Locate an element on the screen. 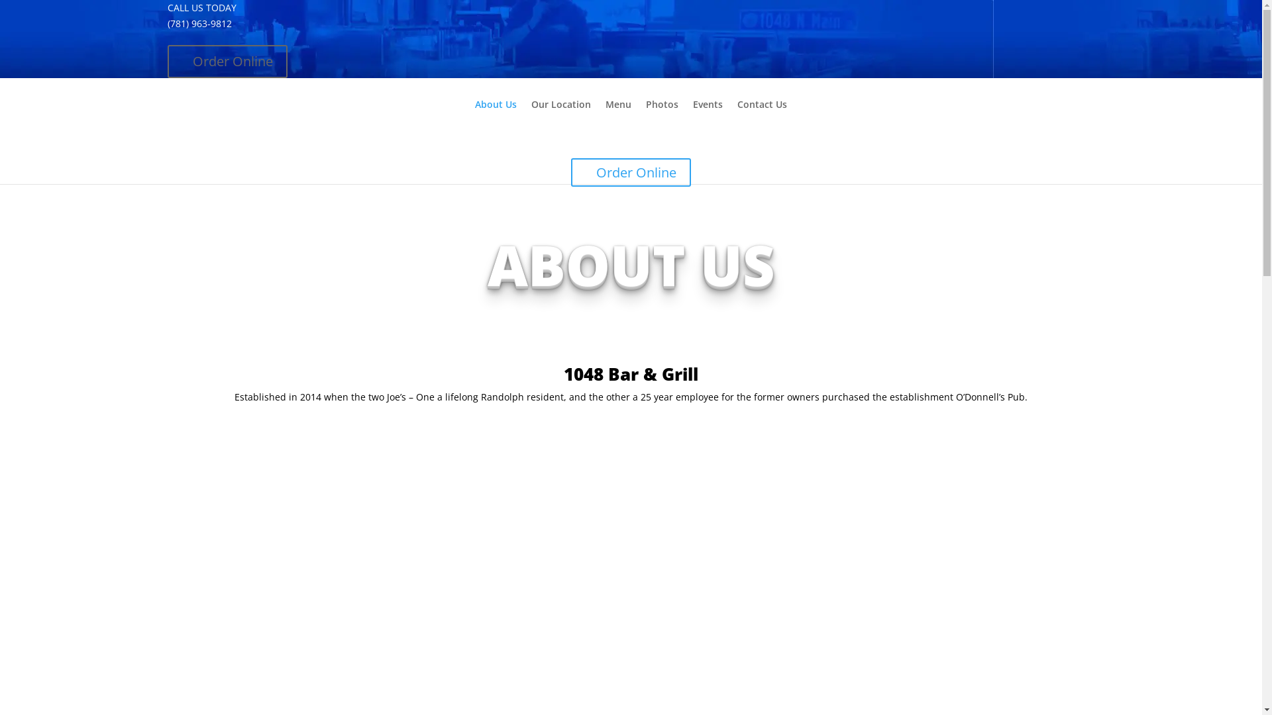  'Photos' is located at coordinates (645, 115).